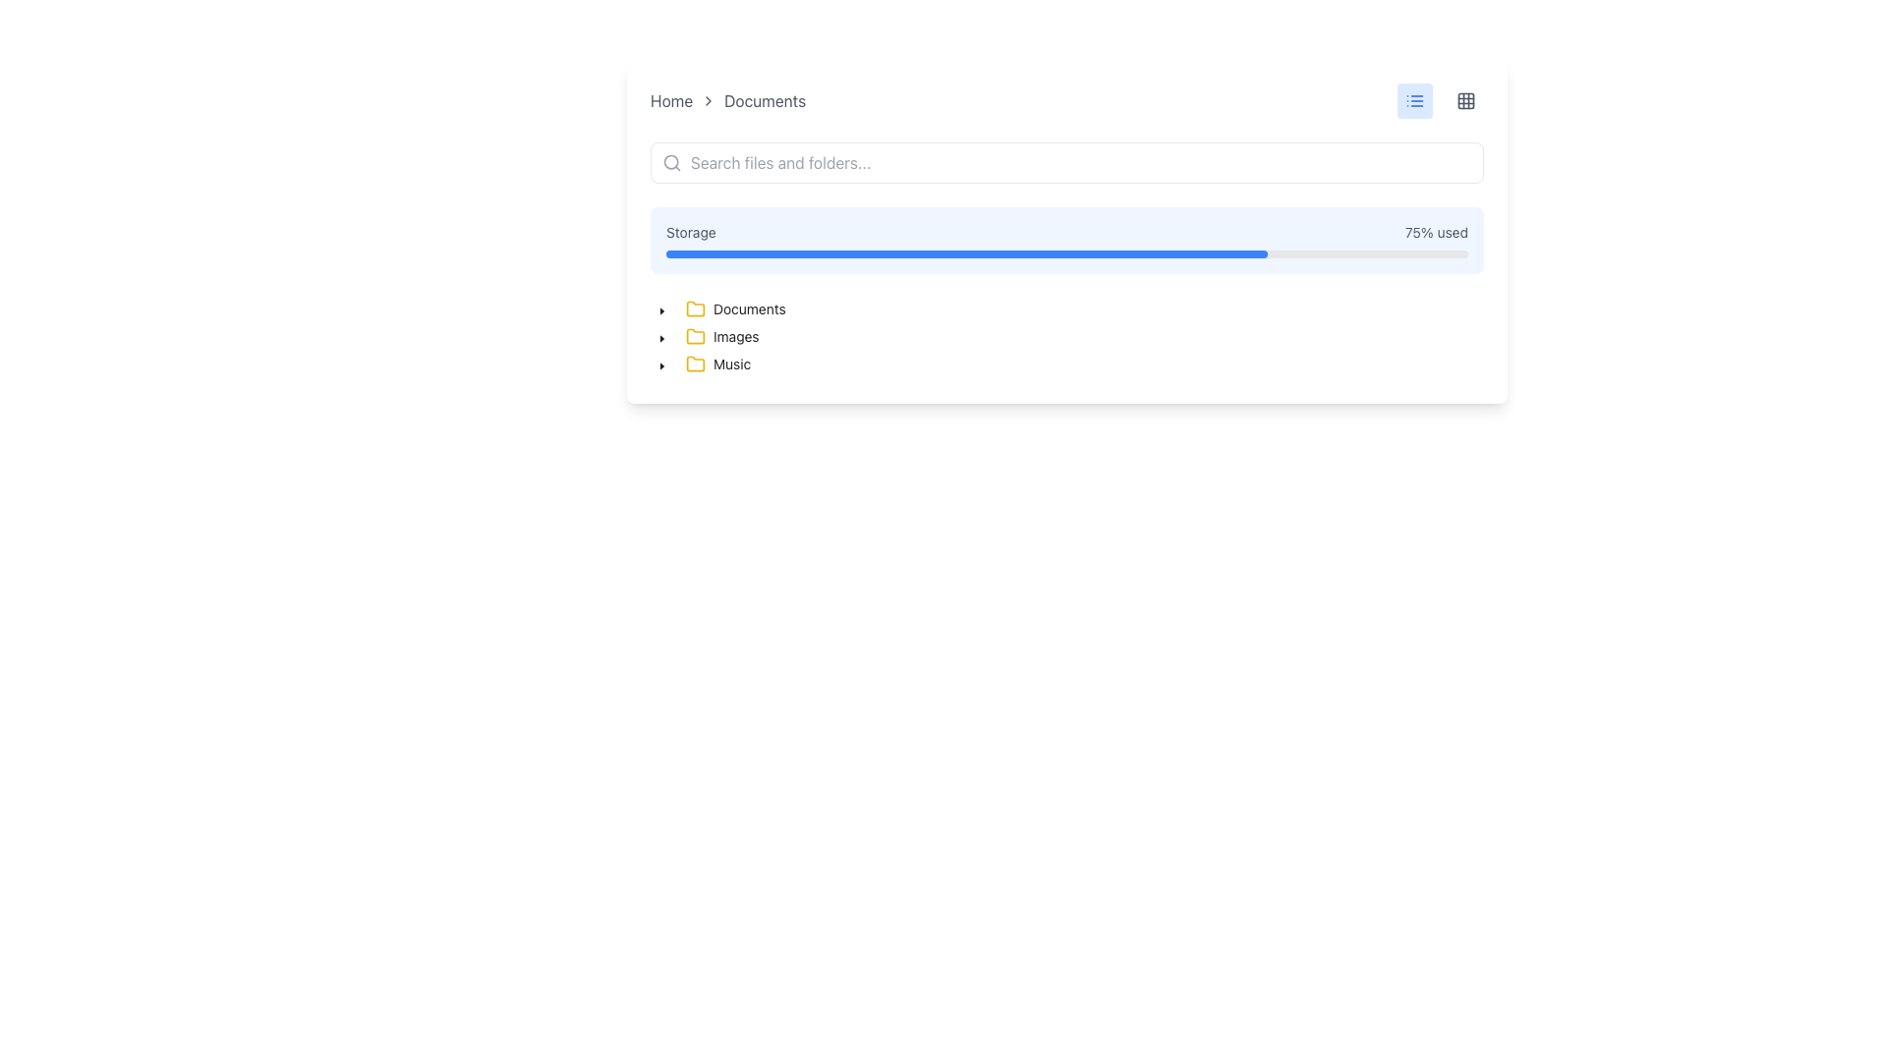  I want to click on the static text label displaying 'Storage' in grey font on a light blue background, which is part of the storage usage information section, so click(691, 231).